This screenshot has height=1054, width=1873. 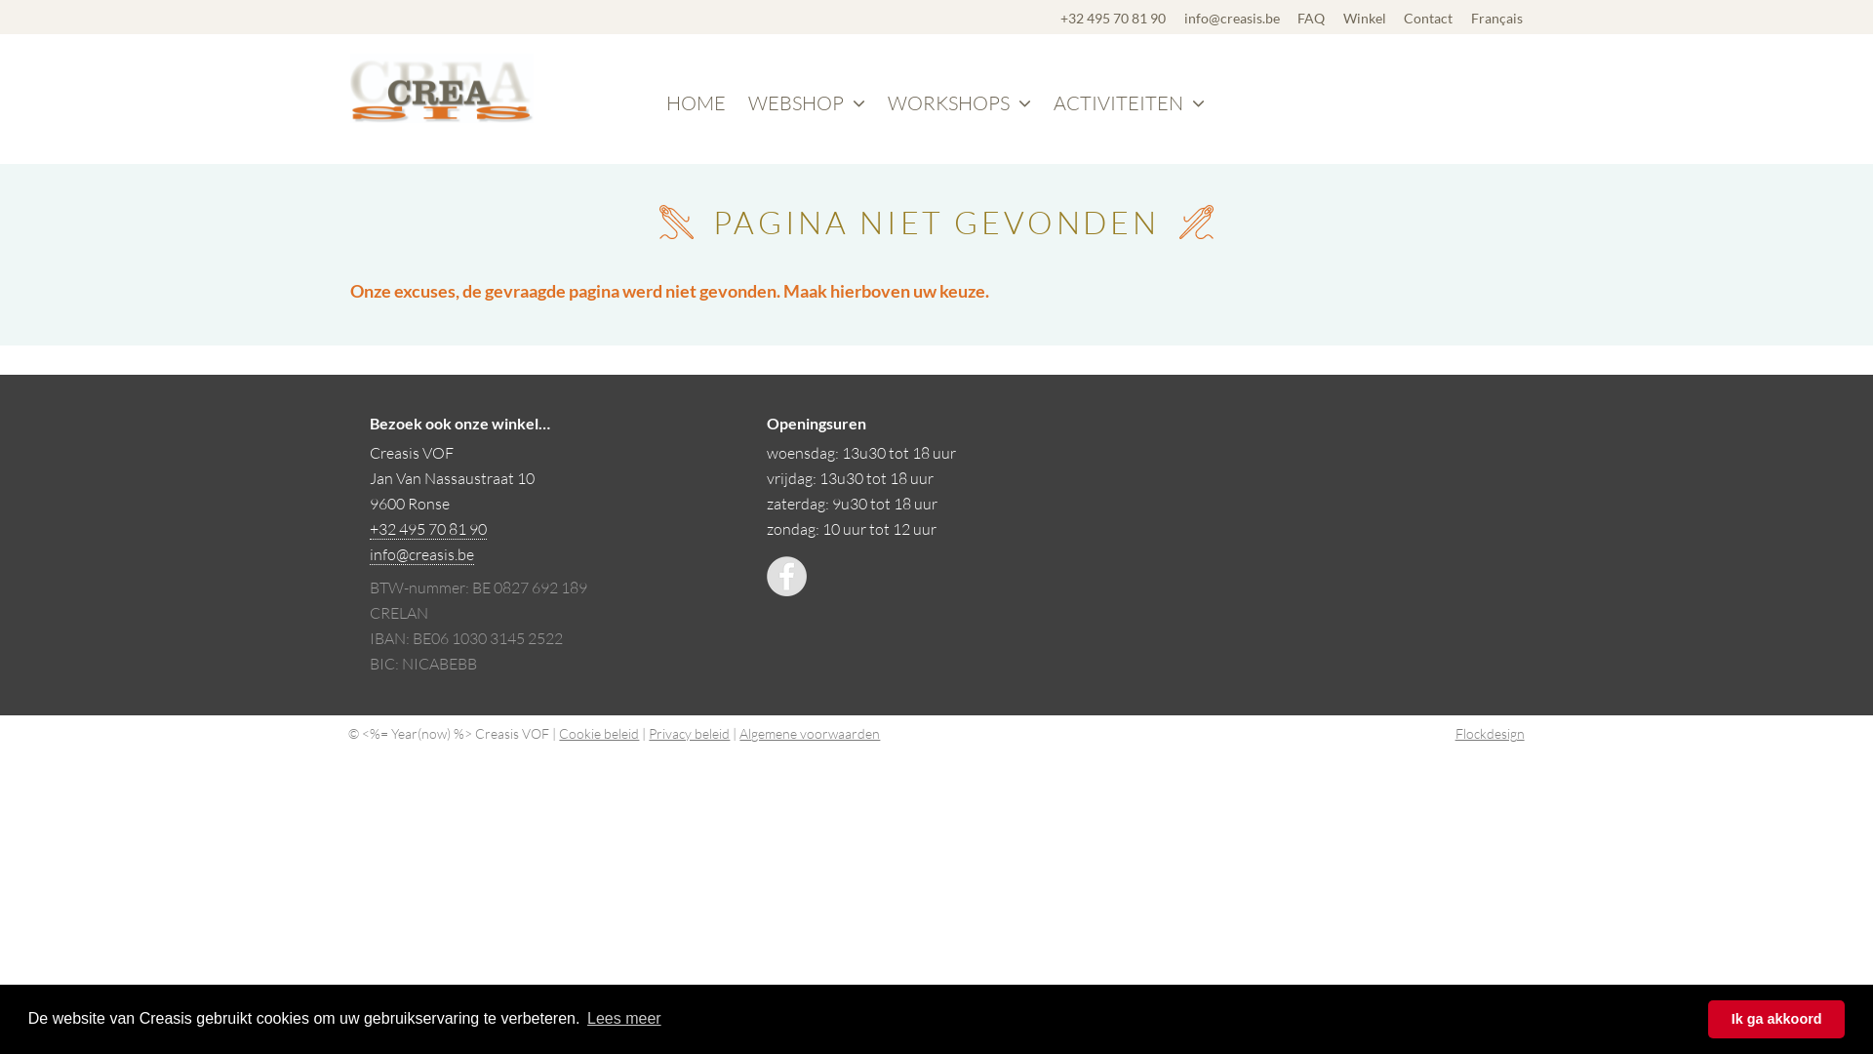 What do you see at coordinates (598, 733) in the screenshot?
I see `'Cookie beleid'` at bounding box center [598, 733].